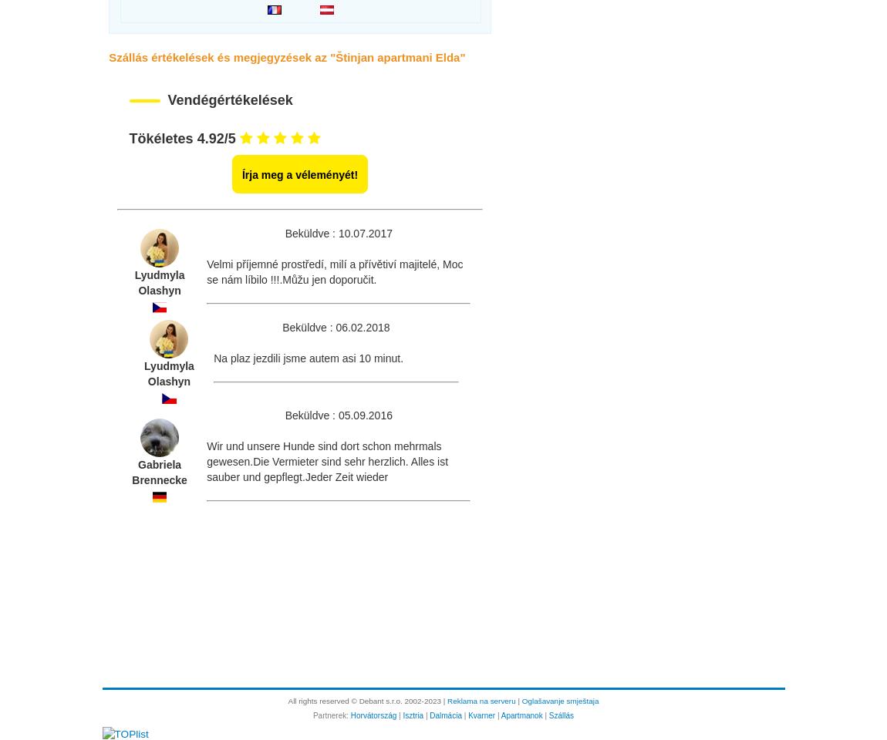 The image size is (887, 740). Describe the element at coordinates (153, 668) in the screenshot. I see `'Kapcsolattartó személy:'` at that location.